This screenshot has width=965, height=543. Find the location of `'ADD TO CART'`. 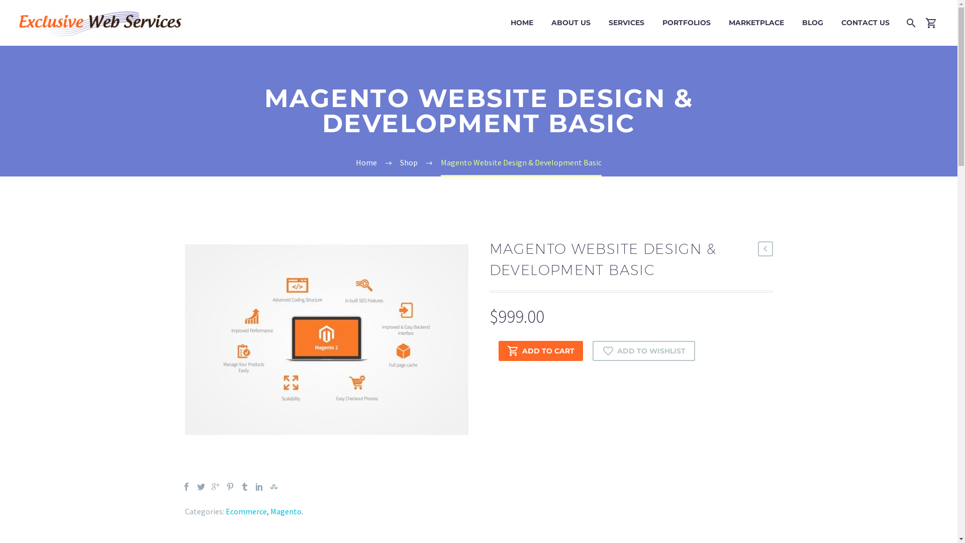

'ADD TO CART' is located at coordinates (540, 350).